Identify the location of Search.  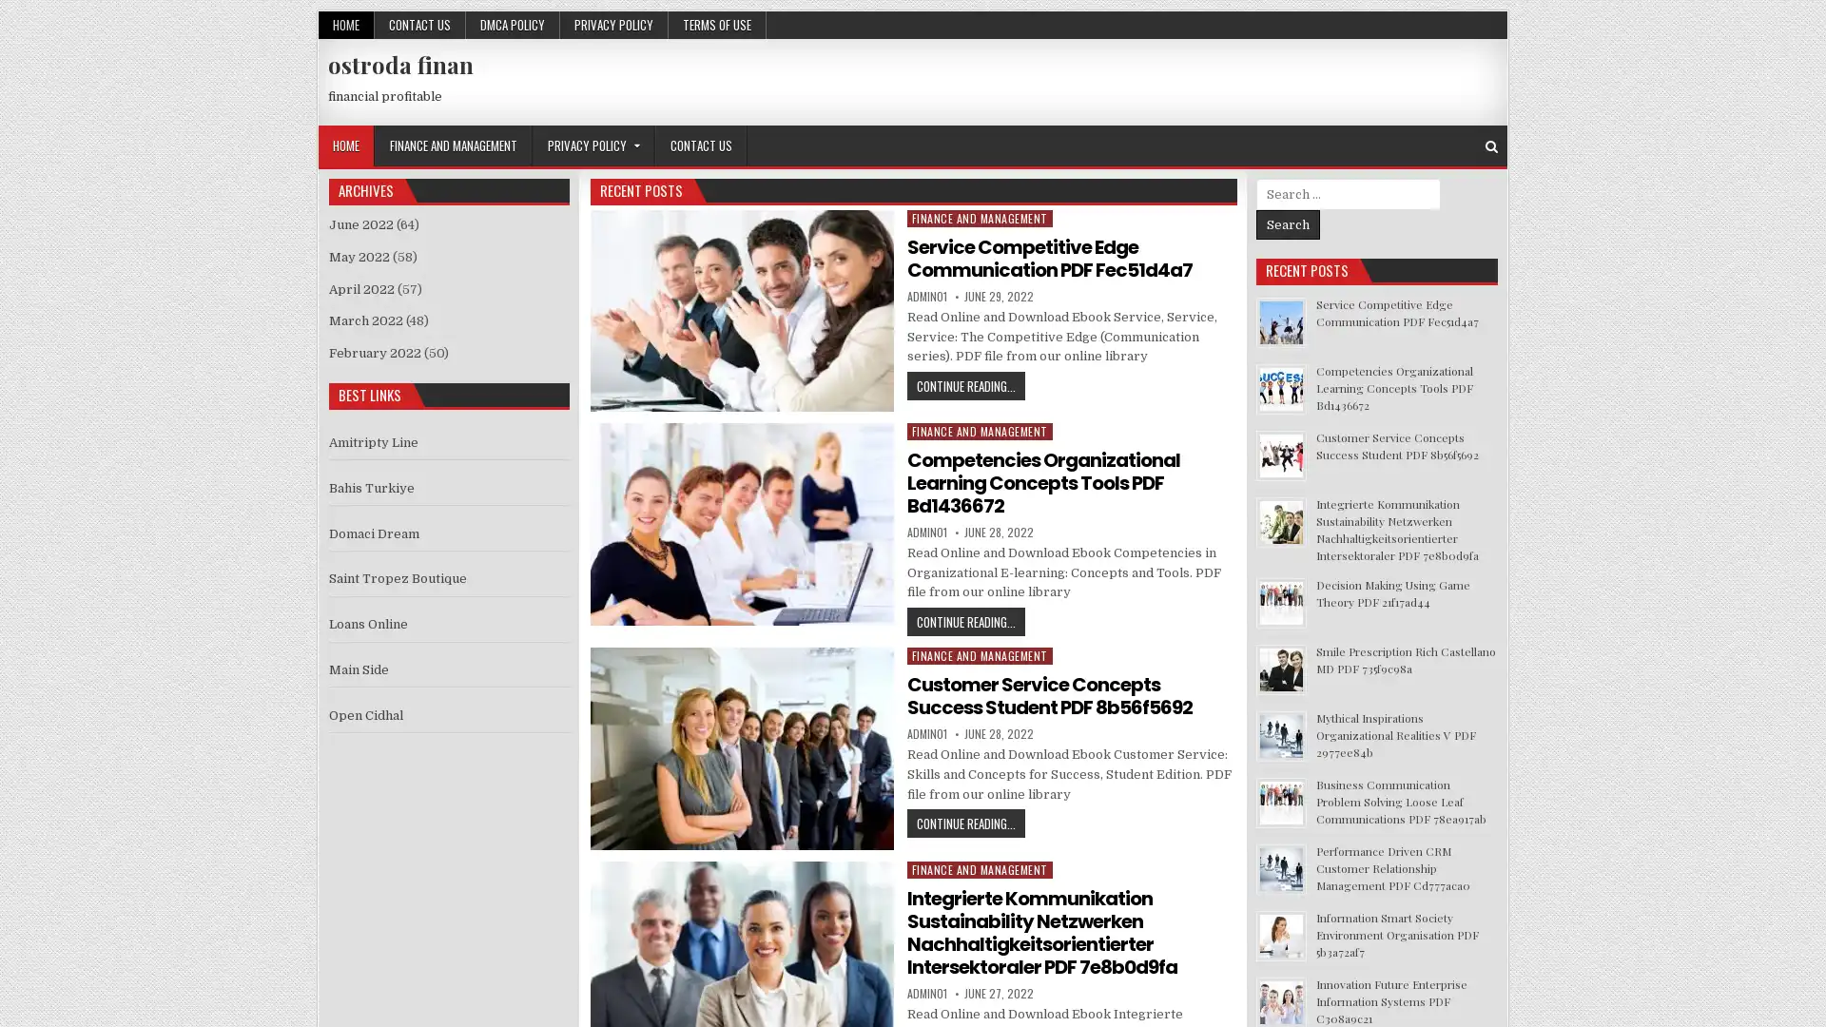
(1288, 223).